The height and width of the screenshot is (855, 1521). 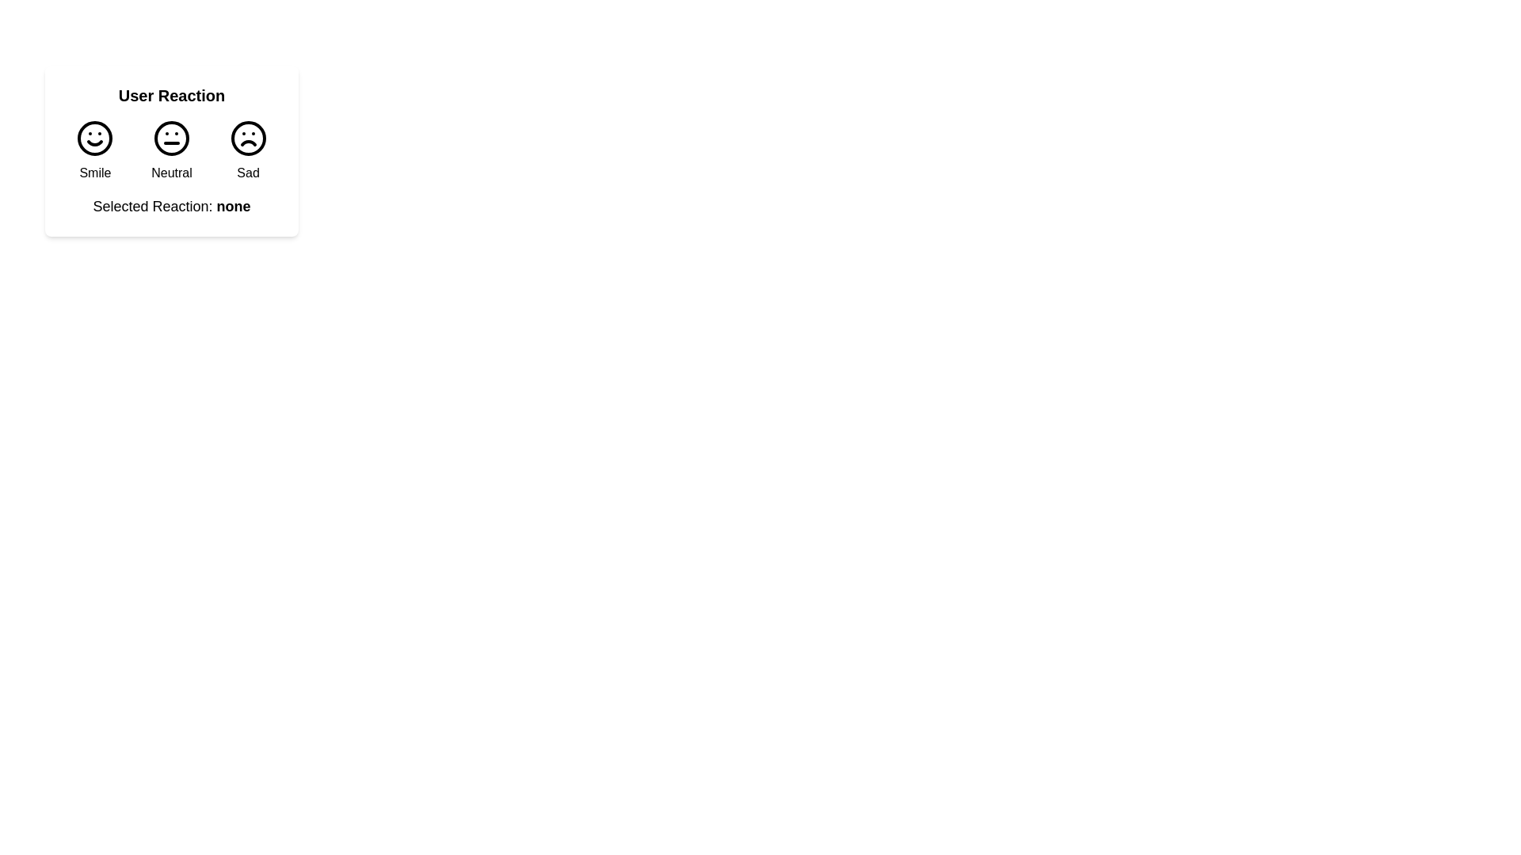 I want to click on the 'Sad' button, which features a sad emoji face icon and the text 'Sad' below it, so click(x=247, y=151).